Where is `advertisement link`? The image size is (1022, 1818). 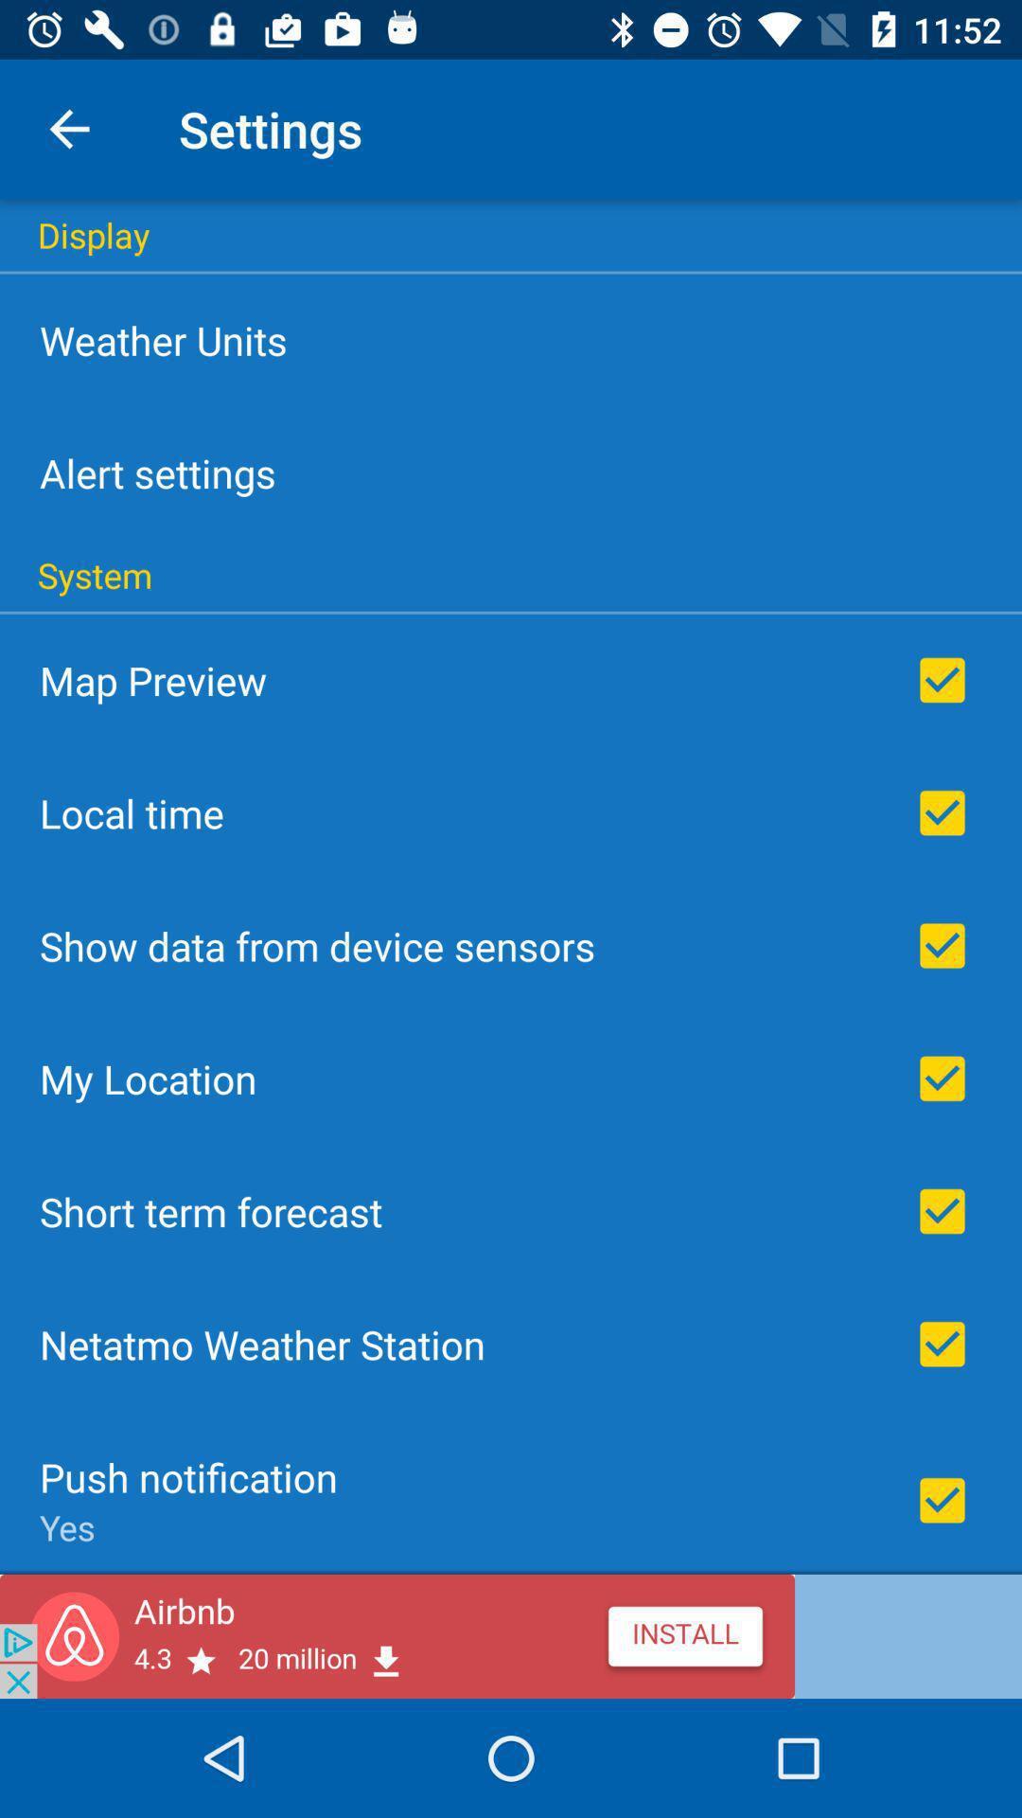
advertisement link is located at coordinates (511, 1635).